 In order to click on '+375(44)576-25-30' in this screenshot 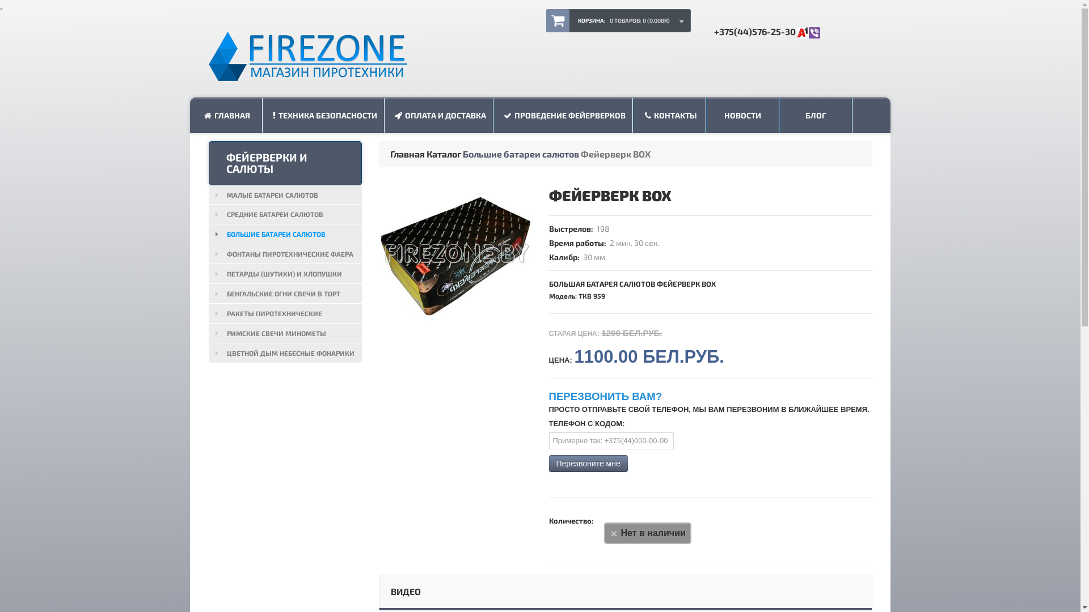, I will do `click(766, 31)`.